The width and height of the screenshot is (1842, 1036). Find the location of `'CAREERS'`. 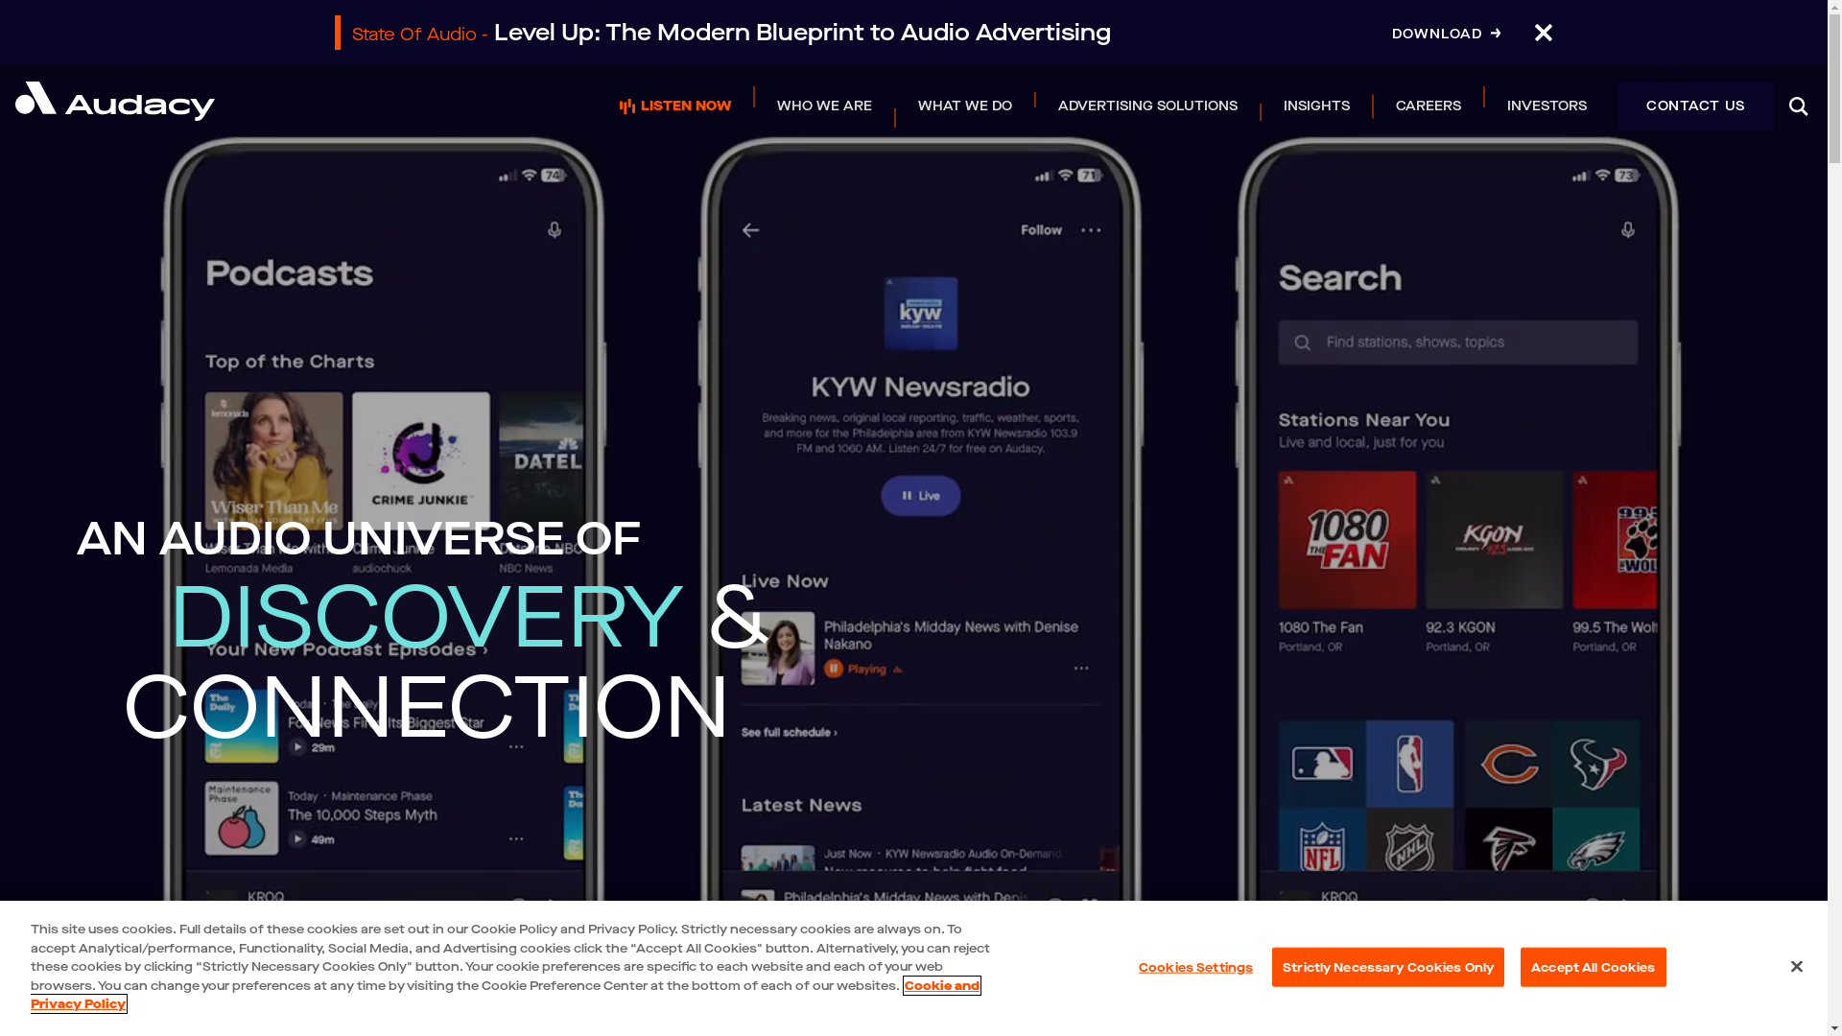

'CAREERS' is located at coordinates (1428, 106).